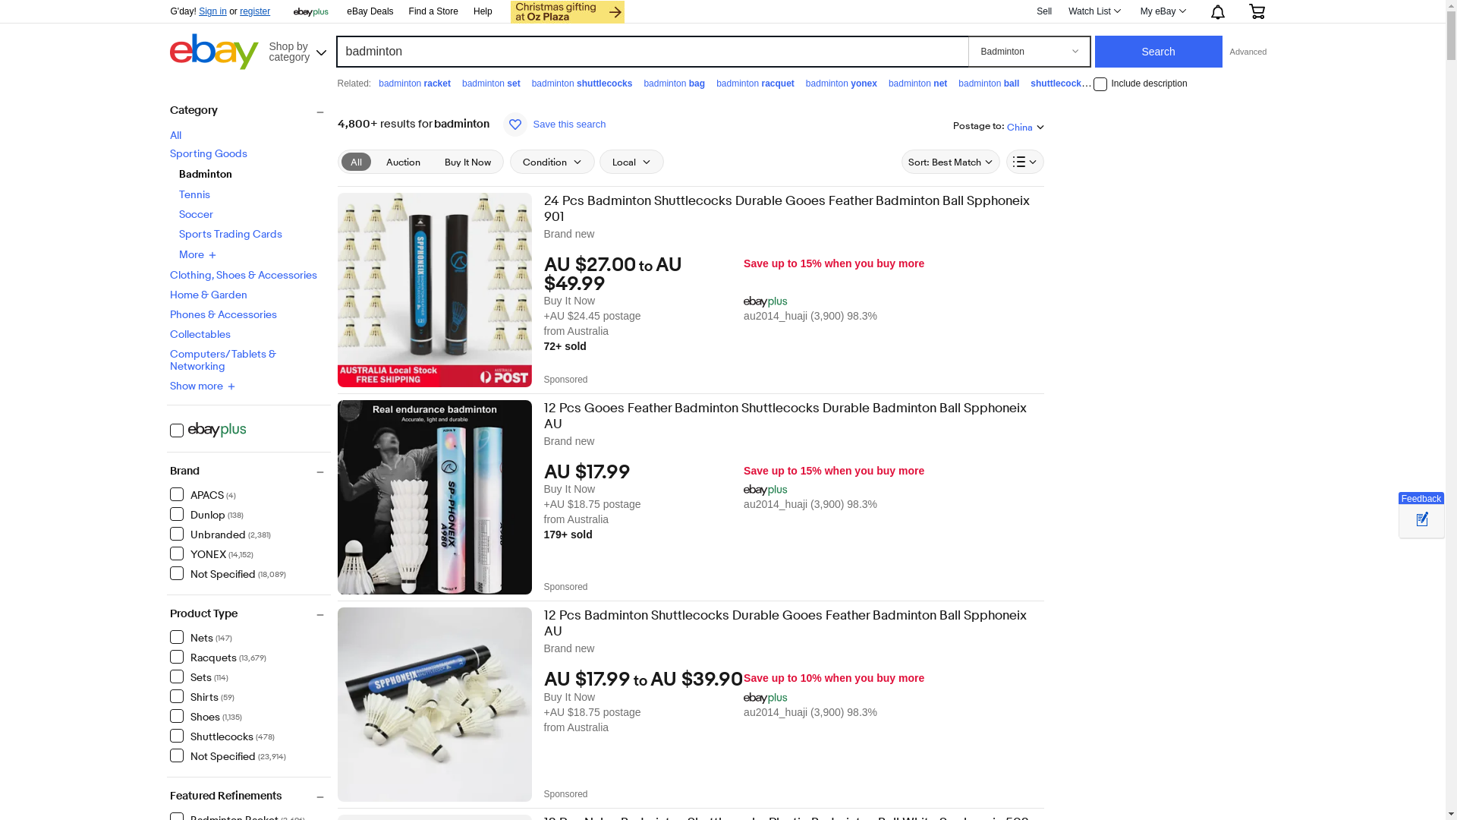 Image resolution: width=1457 pixels, height=820 pixels. I want to click on 'Racquets, so click(217, 655).